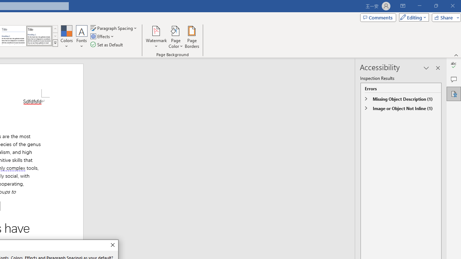  What do you see at coordinates (39, 36) in the screenshot?
I see `'Word 2013'` at bounding box center [39, 36].